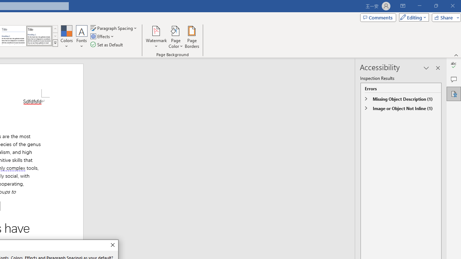  What do you see at coordinates (39, 36) in the screenshot?
I see `'Word 2013'` at bounding box center [39, 36].